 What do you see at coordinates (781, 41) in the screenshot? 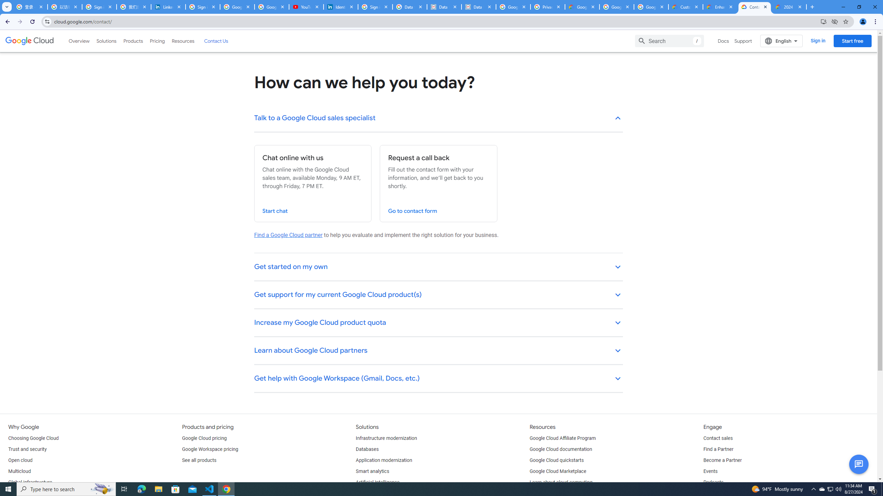
I see `'English'` at bounding box center [781, 41].